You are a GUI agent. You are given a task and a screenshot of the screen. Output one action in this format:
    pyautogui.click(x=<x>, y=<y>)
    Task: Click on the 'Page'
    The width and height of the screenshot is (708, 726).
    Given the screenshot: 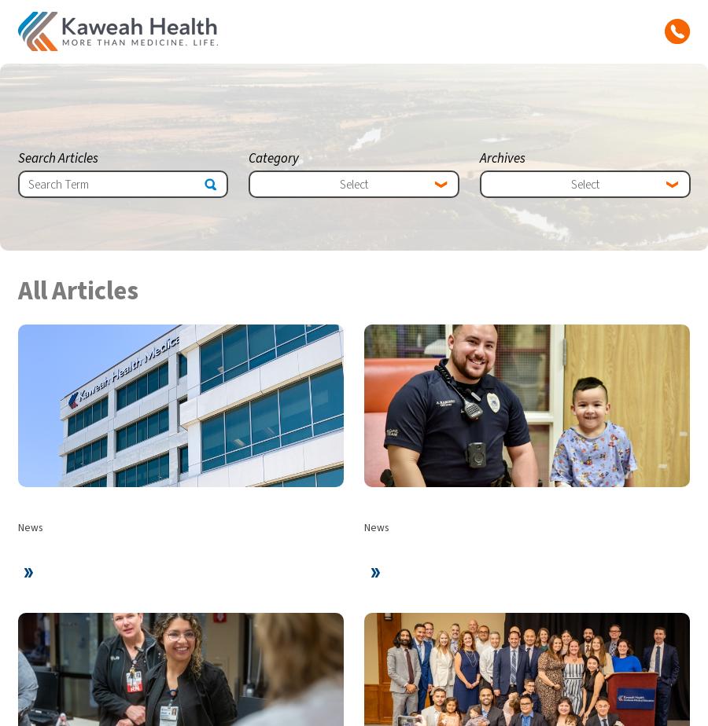 What is the action you would take?
    pyautogui.click(x=599, y=347)
    